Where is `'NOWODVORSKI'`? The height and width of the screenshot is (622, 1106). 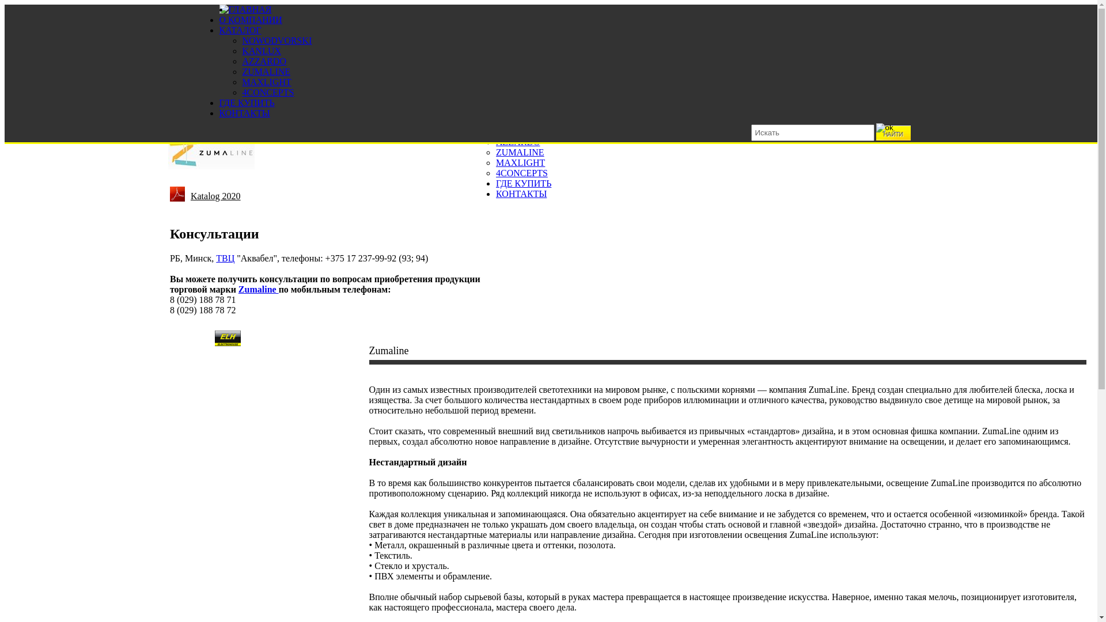
'NOWODVORSKI' is located at coordinates (530, 121).